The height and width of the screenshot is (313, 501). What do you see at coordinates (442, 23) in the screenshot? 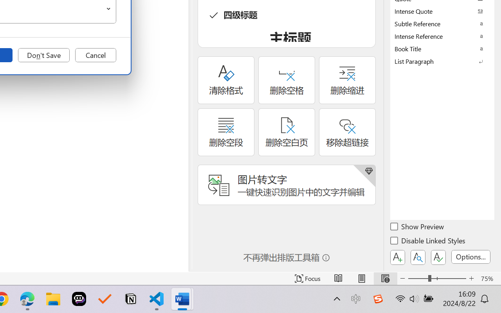
I see `'Subtle Reference'` at bounding box center [442, 23].